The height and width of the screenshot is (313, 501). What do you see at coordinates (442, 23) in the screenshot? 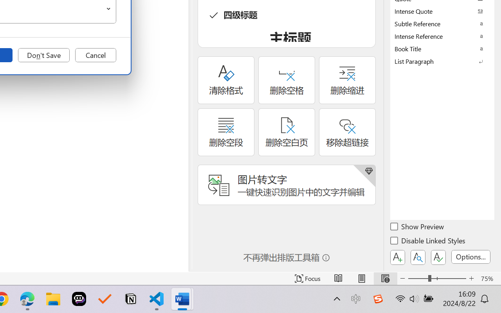
I see `'Subtle Reference'` at bounding box center [442, 23].